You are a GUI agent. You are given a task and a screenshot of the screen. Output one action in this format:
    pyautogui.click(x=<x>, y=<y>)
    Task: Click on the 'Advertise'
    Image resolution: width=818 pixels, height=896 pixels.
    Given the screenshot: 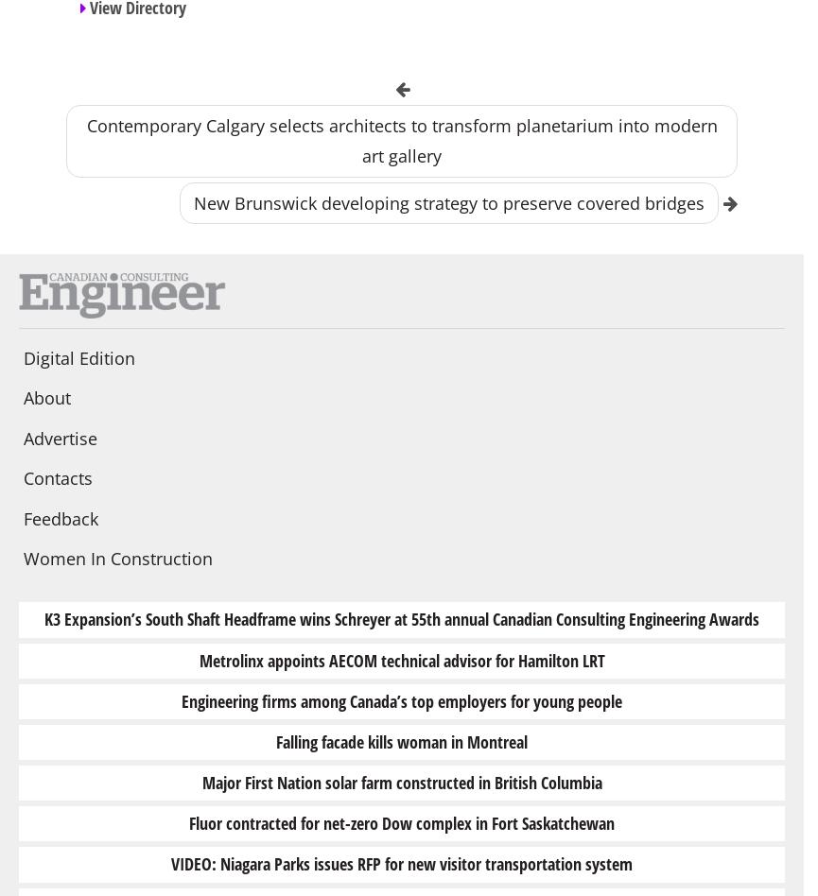 What is the action you would take?
    pyautogui.click(x=61, y=437)
    